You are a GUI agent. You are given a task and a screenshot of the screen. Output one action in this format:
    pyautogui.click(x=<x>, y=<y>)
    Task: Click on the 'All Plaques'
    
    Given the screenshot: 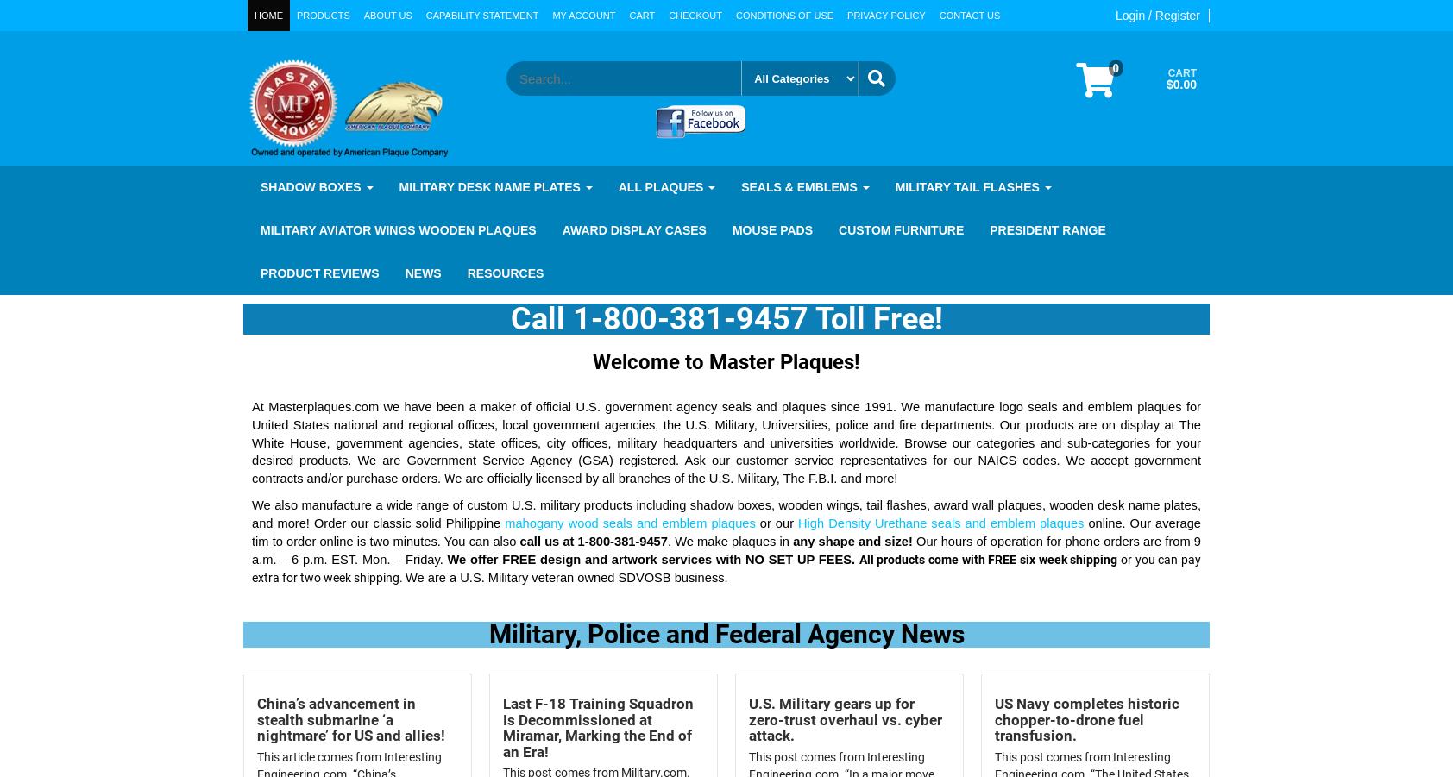 What is the action you would take?
    pyautogui.click(x=662, y=185)
    